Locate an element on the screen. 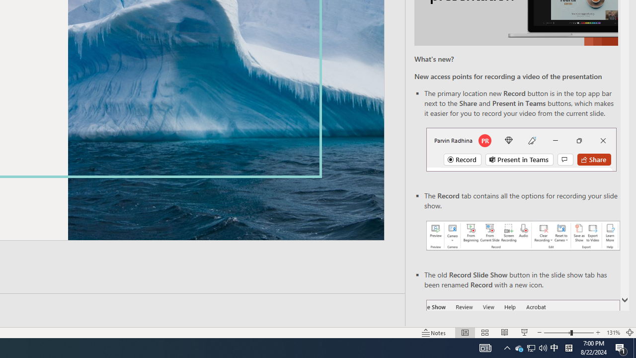 The width and height of the screenshot is (636, 358). 'Record your presentations screenshot one' is located at coordinates (522, 236).